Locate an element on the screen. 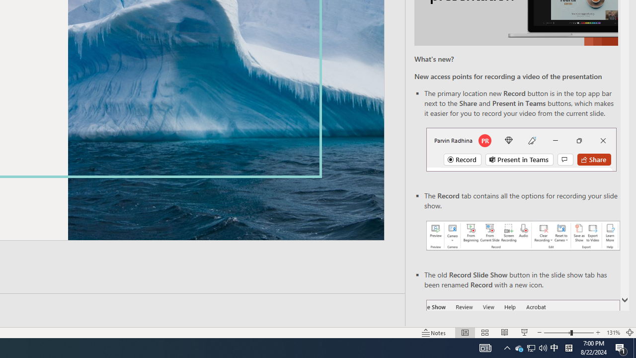 The width and height of the screenshot is (636, 358). 'Record your presentations screenshot one' is located at coordinates (522, 236).